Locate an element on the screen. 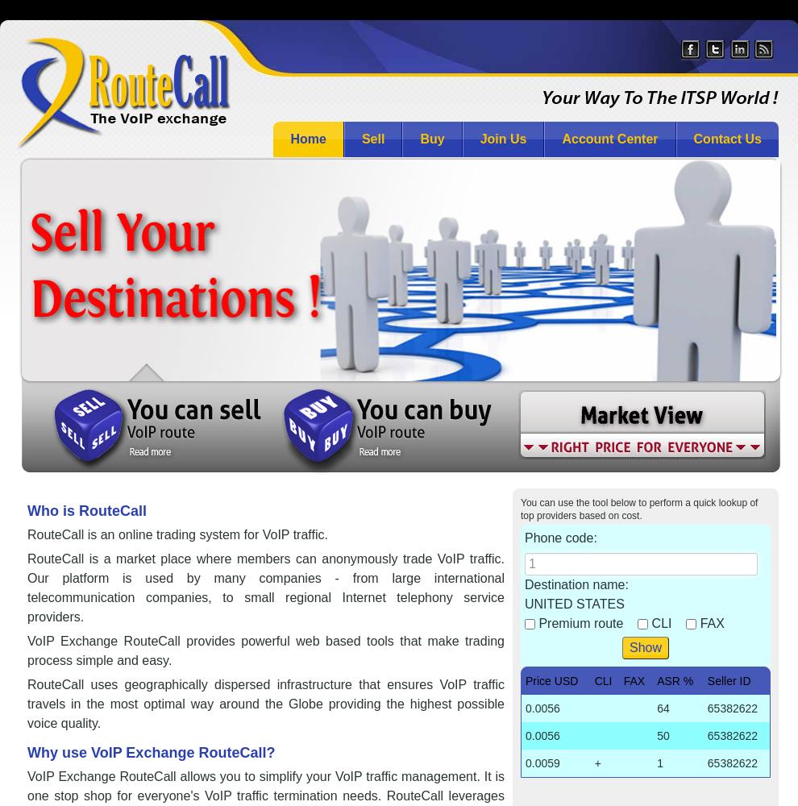  '50' is located at coordinates (662, 736).